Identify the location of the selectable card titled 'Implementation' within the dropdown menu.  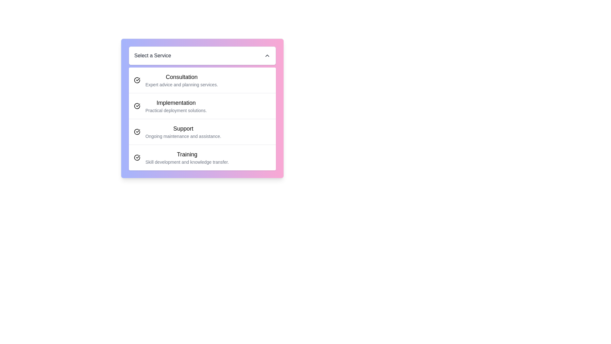
(202, 108).